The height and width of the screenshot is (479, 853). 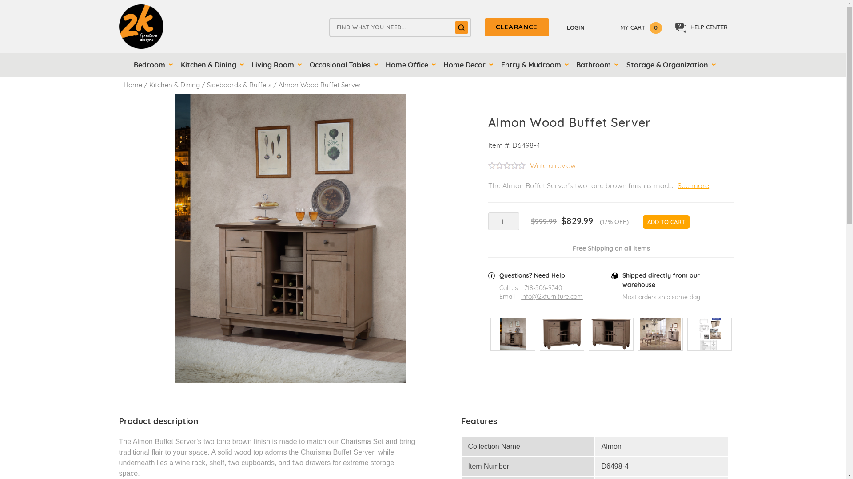 I want to click on 'CLEARANCE', so click(x=483, y=27).